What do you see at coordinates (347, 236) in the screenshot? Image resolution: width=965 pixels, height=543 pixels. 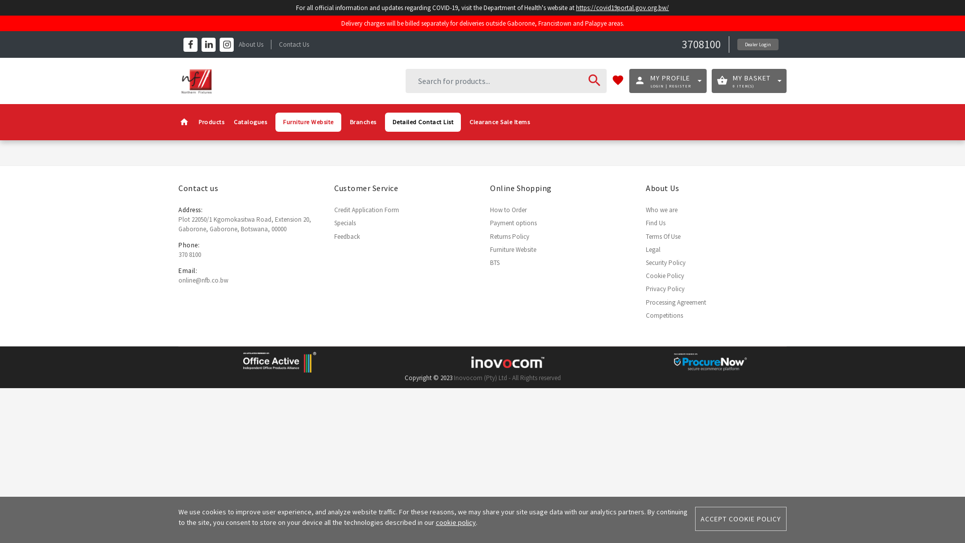 I see `'Feedback'` at bounding box center [347, 236].